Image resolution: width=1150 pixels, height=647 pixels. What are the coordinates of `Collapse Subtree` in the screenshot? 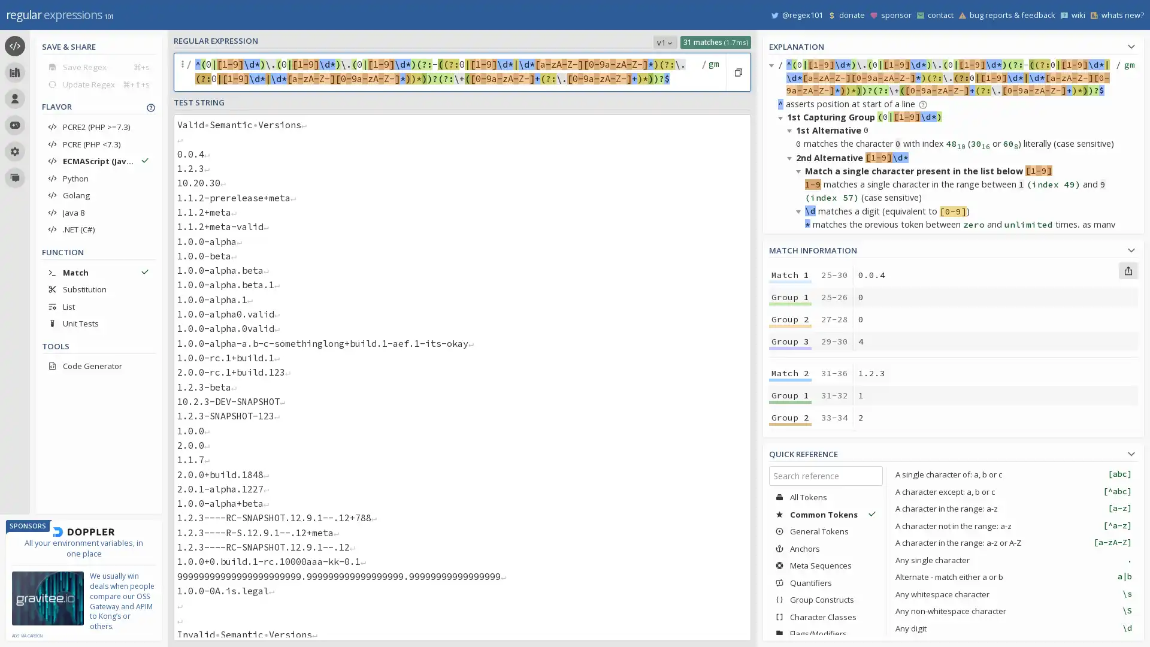 It's located at (791, 279).